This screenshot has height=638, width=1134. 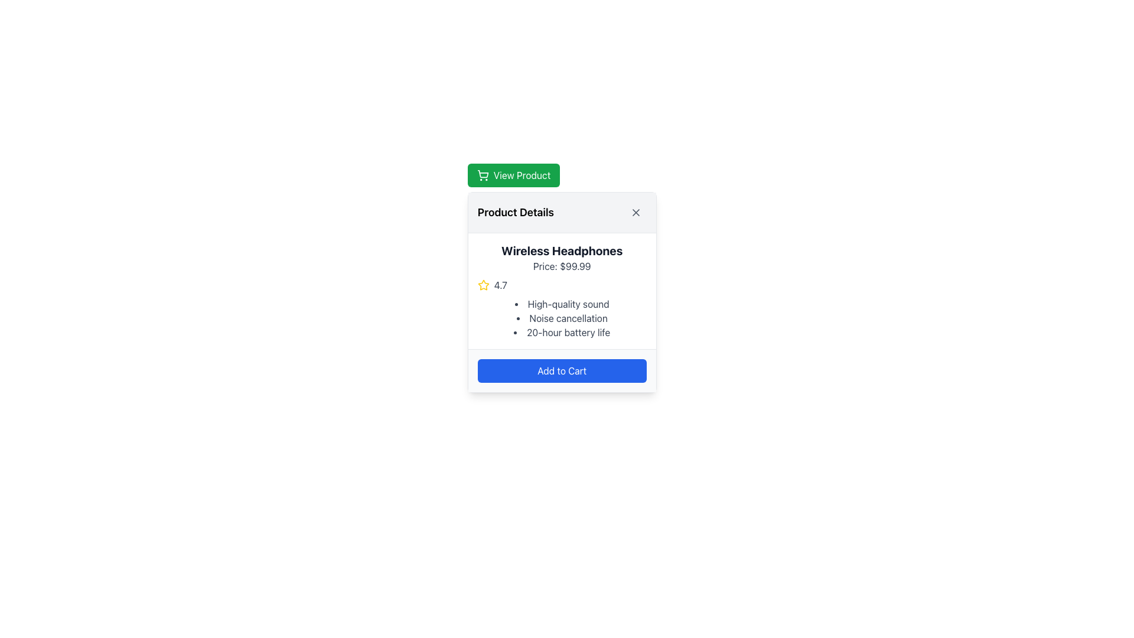 I want to click on the rating indicator icon located in the 'Product Details' dialog box, which visually represents the score of 4.7, so click(x=483, y=285).